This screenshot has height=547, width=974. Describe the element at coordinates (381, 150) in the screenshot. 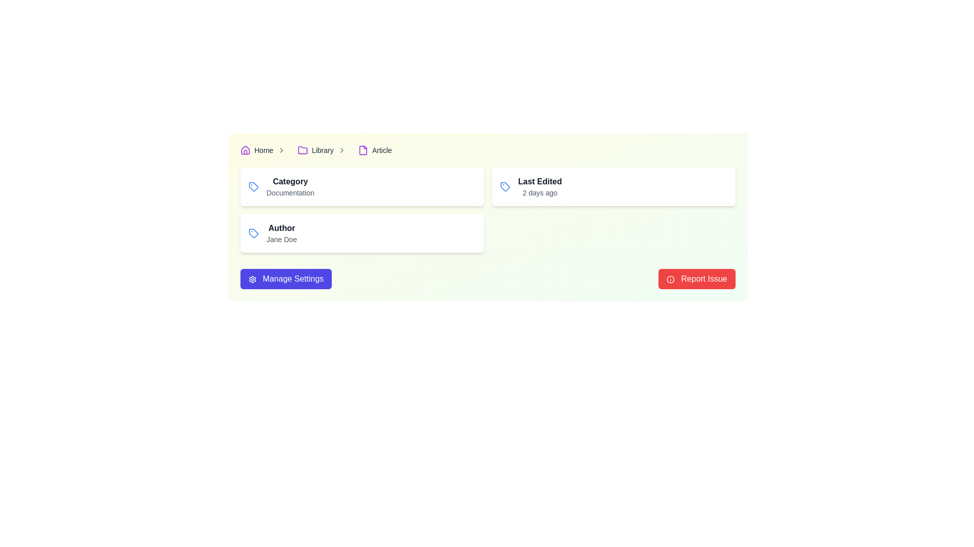

I see `the clickable link in the breadcrumb navigation bar that takes the user to the 'Article' section` at that location.